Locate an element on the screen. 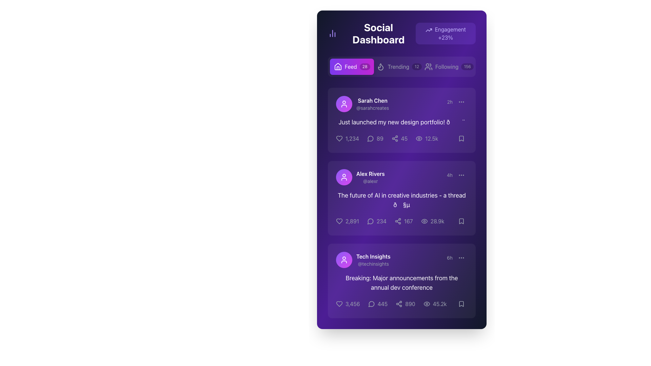  the comment count text located at the bottom of the 'Tech Insights' post card is located at coordinates (382, 304).